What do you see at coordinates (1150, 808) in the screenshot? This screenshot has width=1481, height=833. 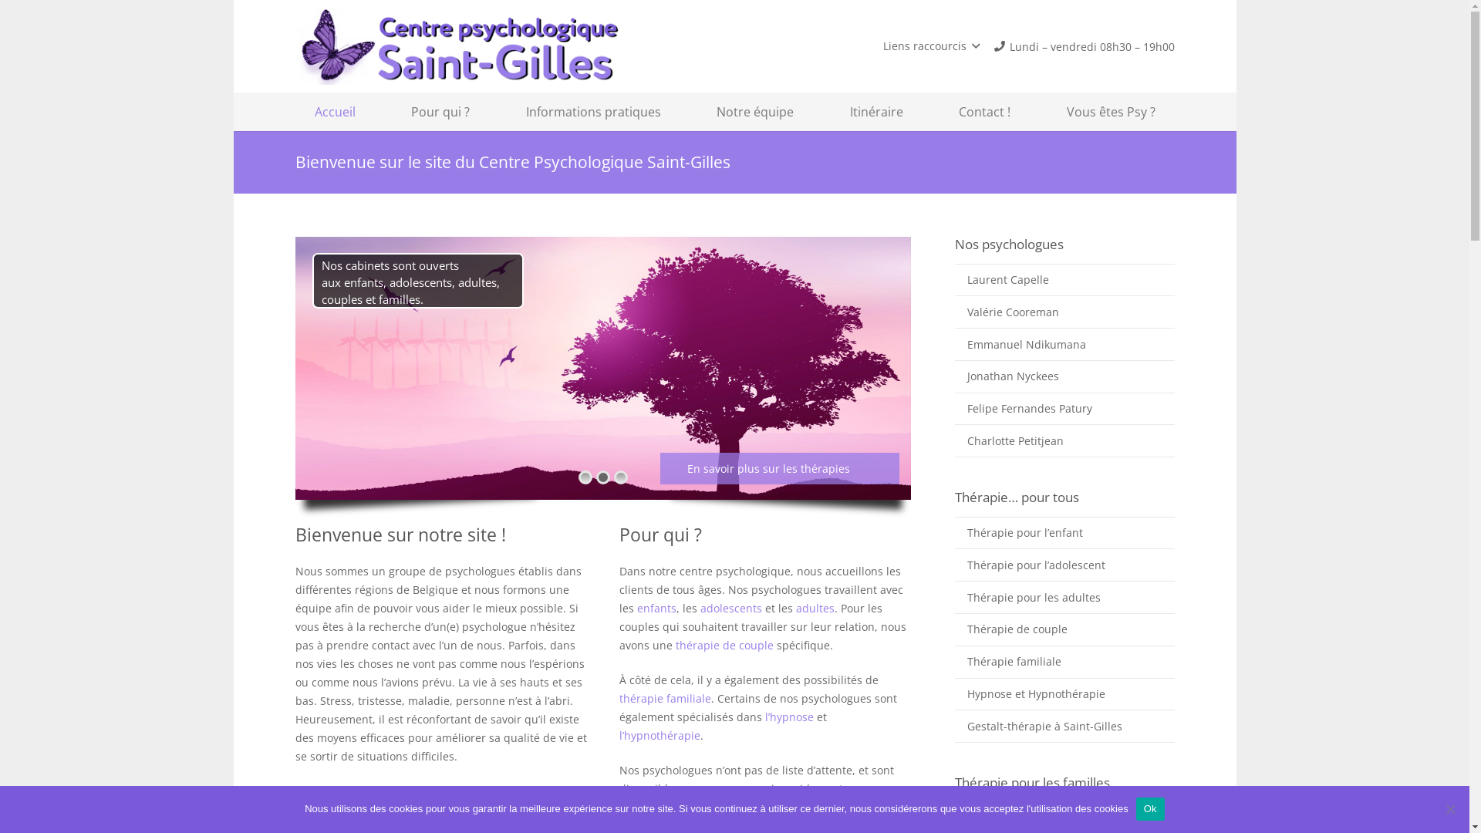 I see `'Ok'` at bounding box center [1150, 808].